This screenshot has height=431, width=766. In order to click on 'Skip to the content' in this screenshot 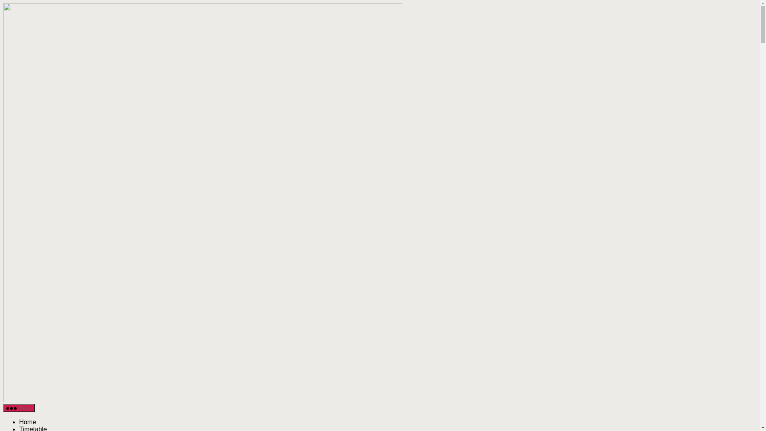, I will do `click(3, 3)`.